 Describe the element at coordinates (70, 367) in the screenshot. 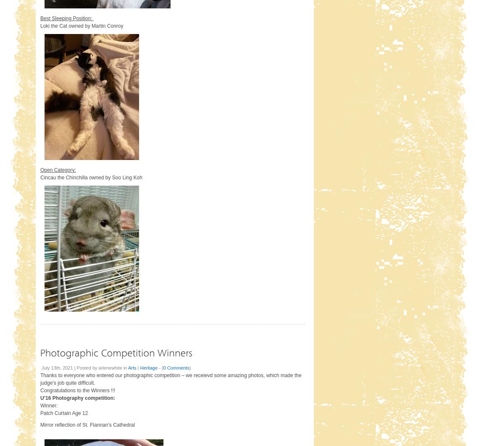

I see `'July 13th, 2021 | Posted by'` at that location.